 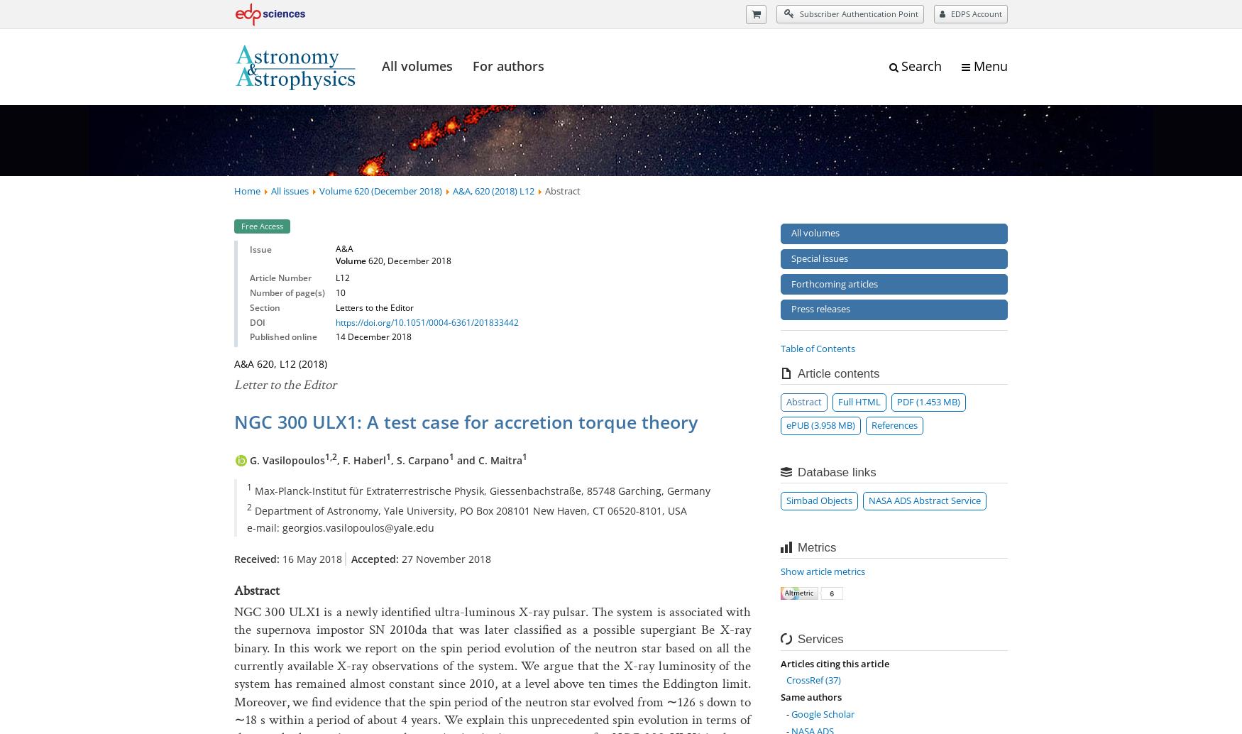 What do you see at coordinates (817, 347) in the screenshot?
I see `'Table of Contents'` at bounding box center [817, 347].